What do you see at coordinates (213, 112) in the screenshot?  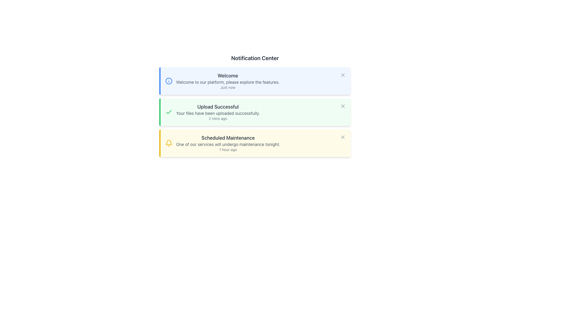 I see `the second success notification message, which is located between 'Welcome' and 'Scheduled Maintenance'` at bounding box center [213, 112].